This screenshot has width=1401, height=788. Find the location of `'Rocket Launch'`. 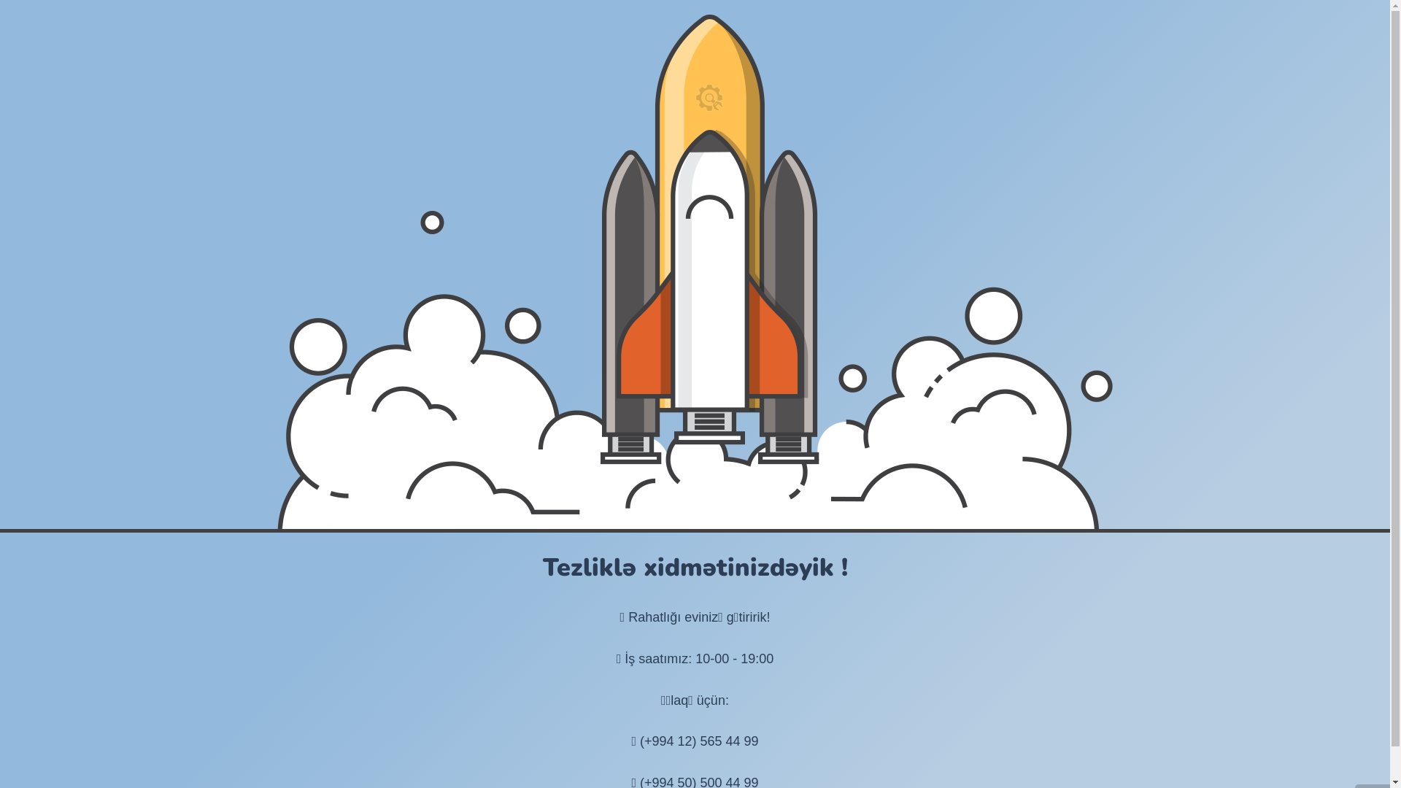

'Rocket Launch' is located at coordinates (694, 271).